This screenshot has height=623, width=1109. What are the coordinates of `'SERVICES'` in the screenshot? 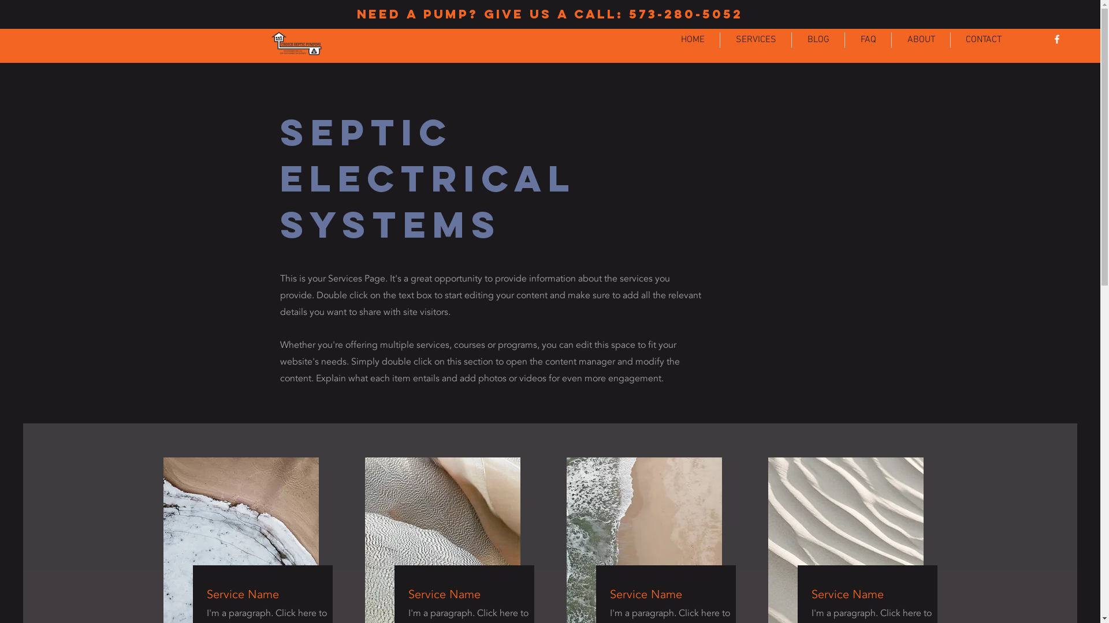 It's located at (756, 39).